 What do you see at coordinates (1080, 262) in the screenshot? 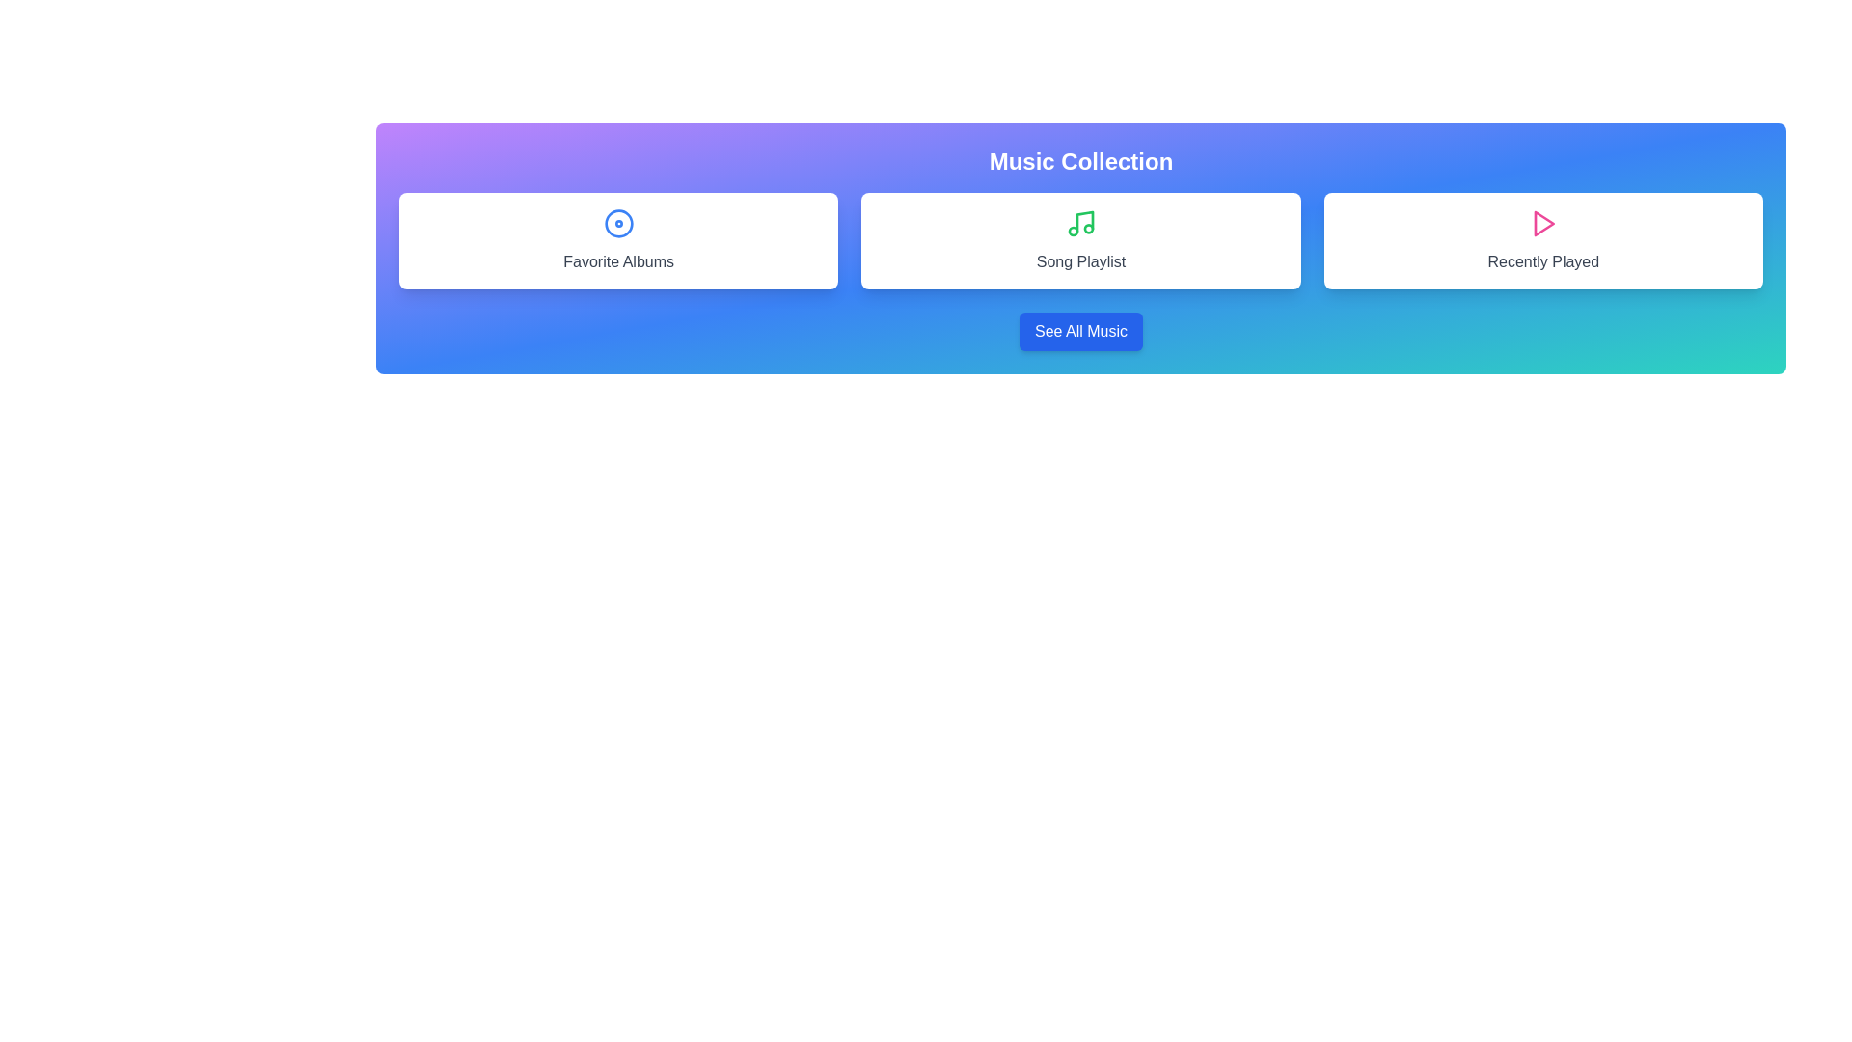
I see `the Text Label located at the bottom center of the middle card in a three-card layout, which provides a title or summary related to playlists` at bounding box center [1080, 262].